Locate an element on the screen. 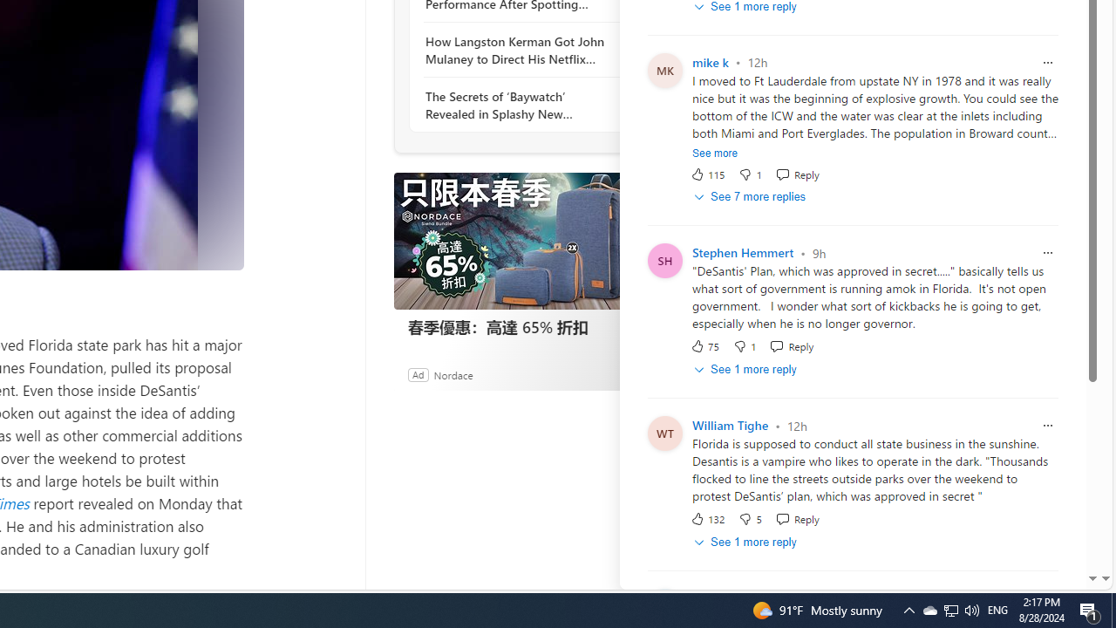 Image resolution: width=1116 pixels, height=628 pixels. 'Nordace' is located at coordinates (453, 373).